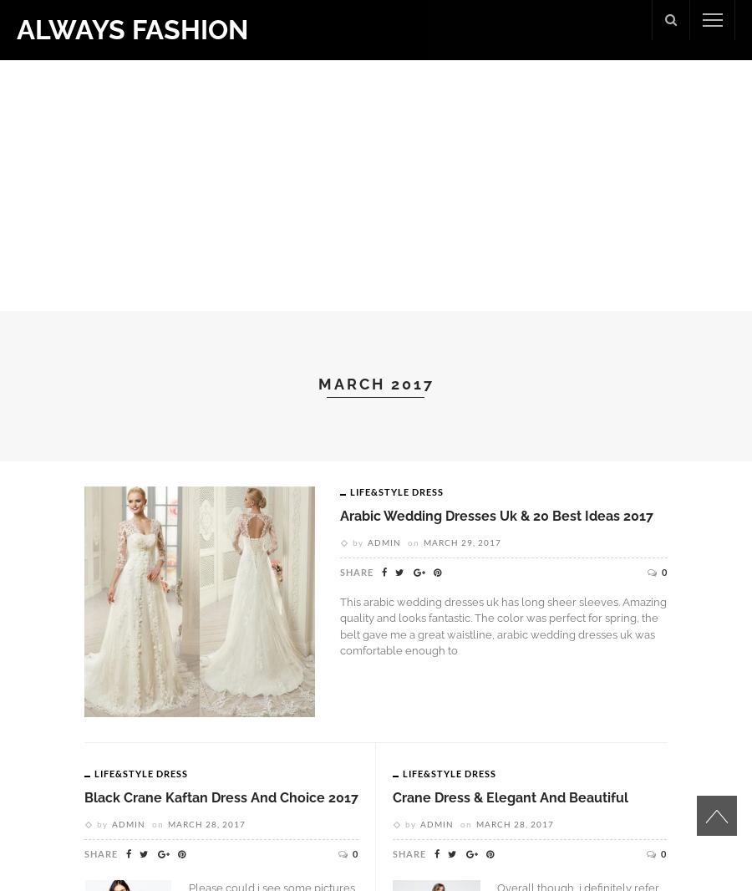  Describe the element at coordinates (317, 383) in the screenshot. I see `'March 2017'` at that location.